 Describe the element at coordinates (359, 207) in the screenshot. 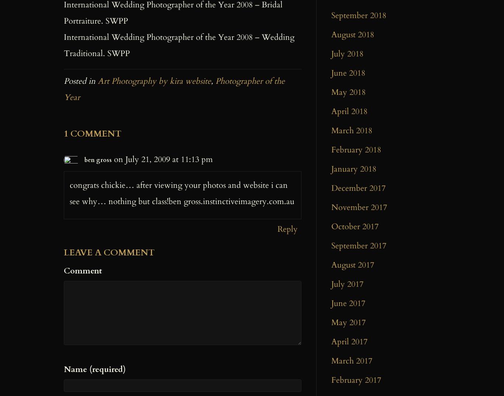

I see `'November 2017'` at that location.